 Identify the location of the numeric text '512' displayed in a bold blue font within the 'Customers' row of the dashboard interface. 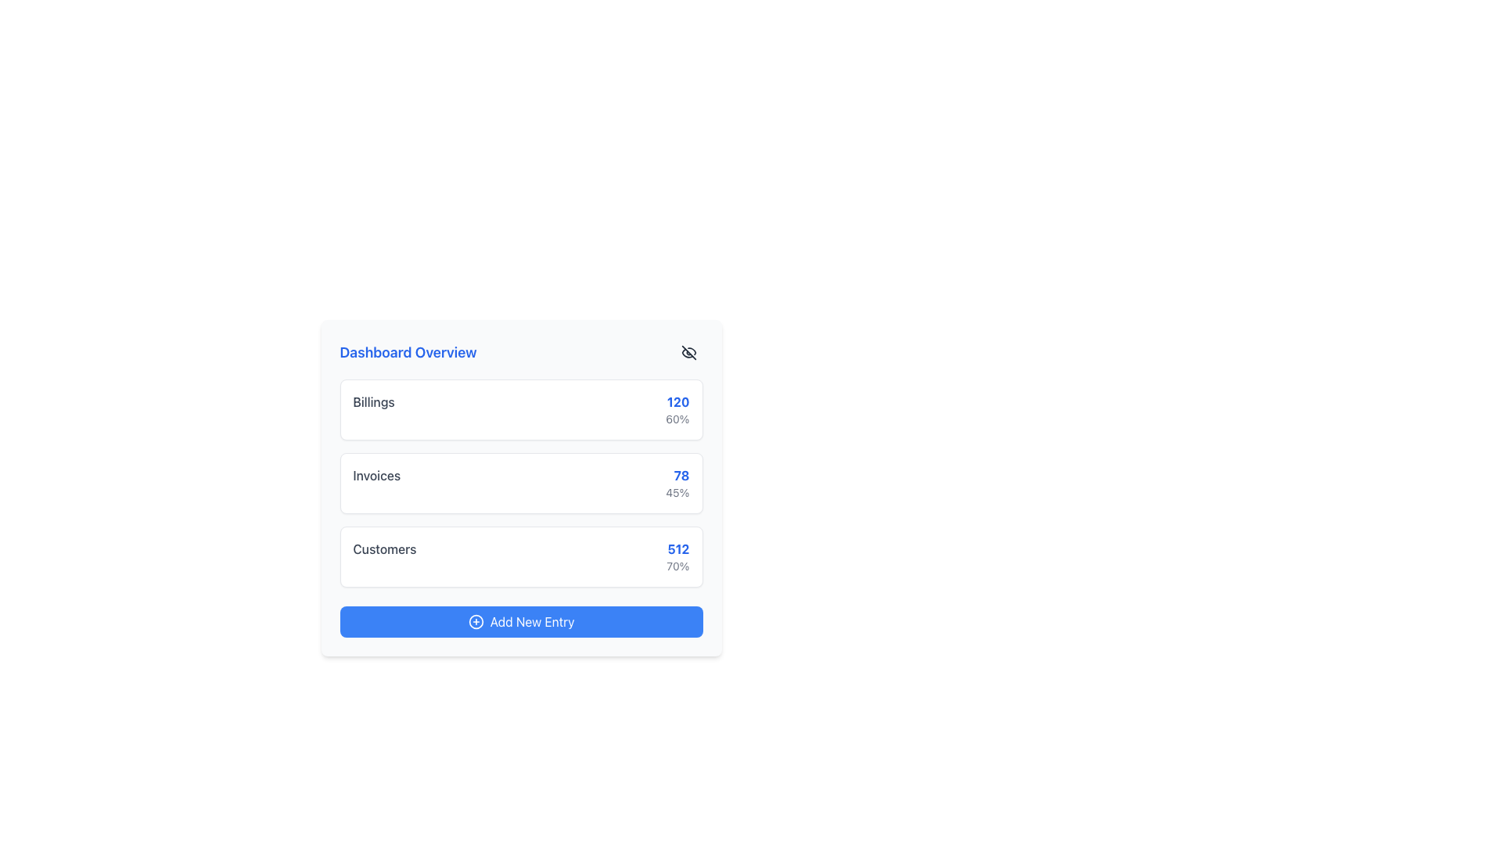
(677, 548).